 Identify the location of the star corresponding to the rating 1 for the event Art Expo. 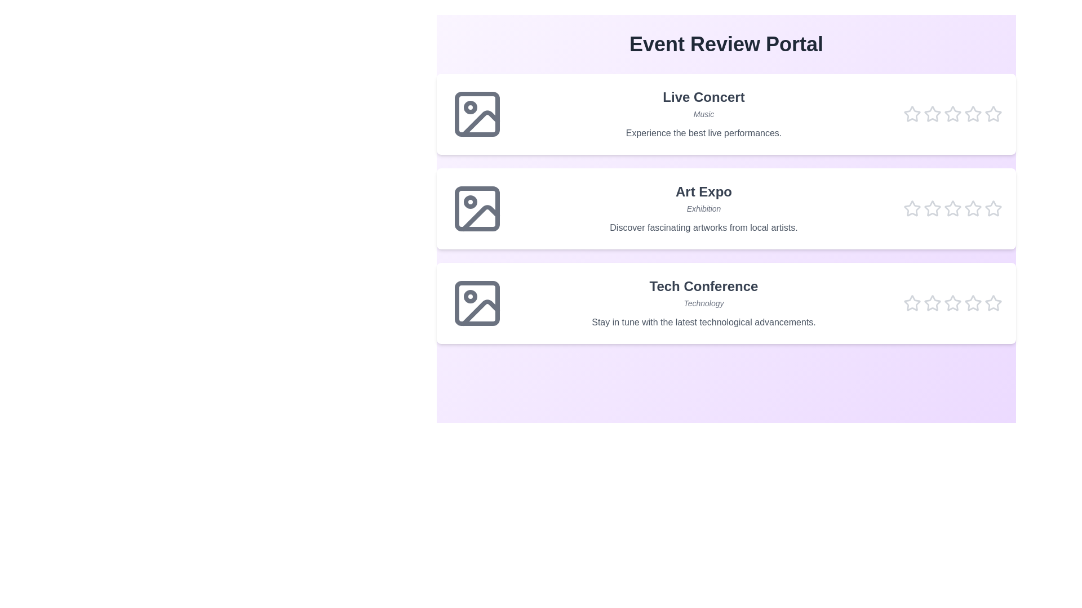
(912, 208).